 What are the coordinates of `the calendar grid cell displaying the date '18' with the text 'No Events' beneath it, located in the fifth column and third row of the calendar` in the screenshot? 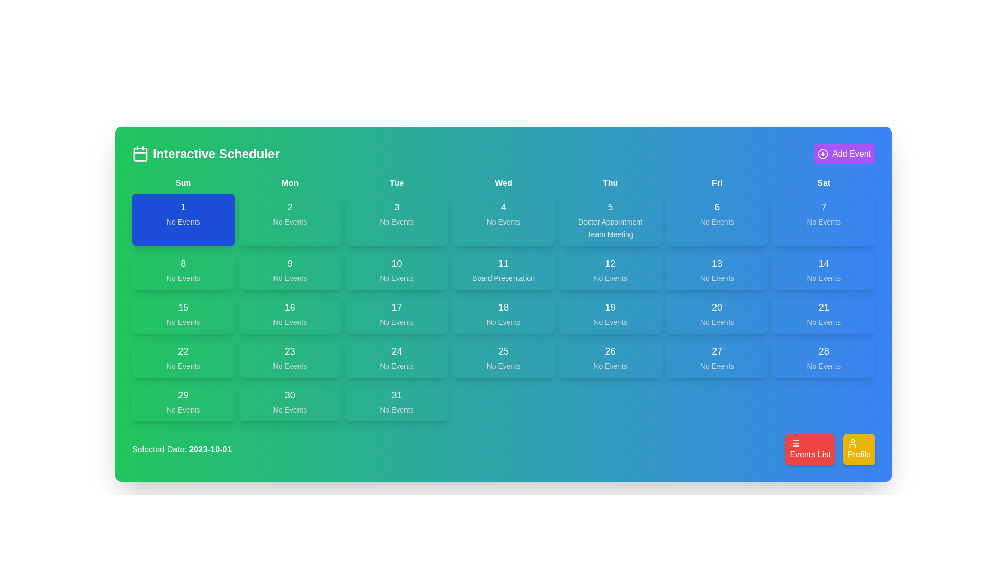 It's located at (503, 313).